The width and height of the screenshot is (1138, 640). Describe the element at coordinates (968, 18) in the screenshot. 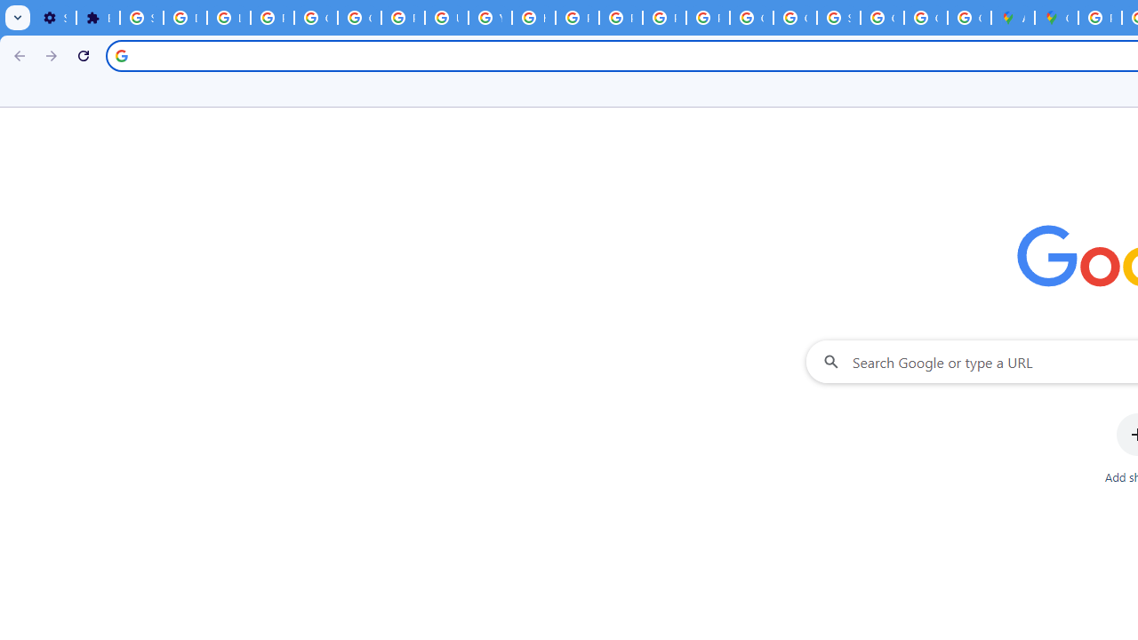

I see `'Create your Google Account'` at that location.